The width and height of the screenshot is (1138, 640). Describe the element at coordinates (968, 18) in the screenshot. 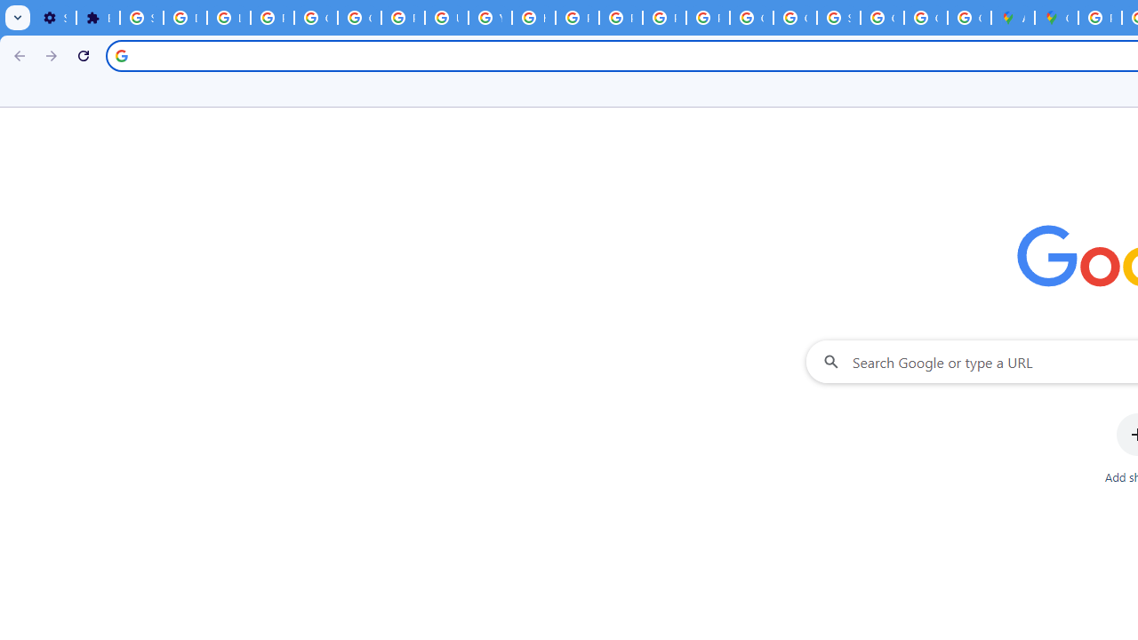

I see `'Create your Google Account'` at that location.